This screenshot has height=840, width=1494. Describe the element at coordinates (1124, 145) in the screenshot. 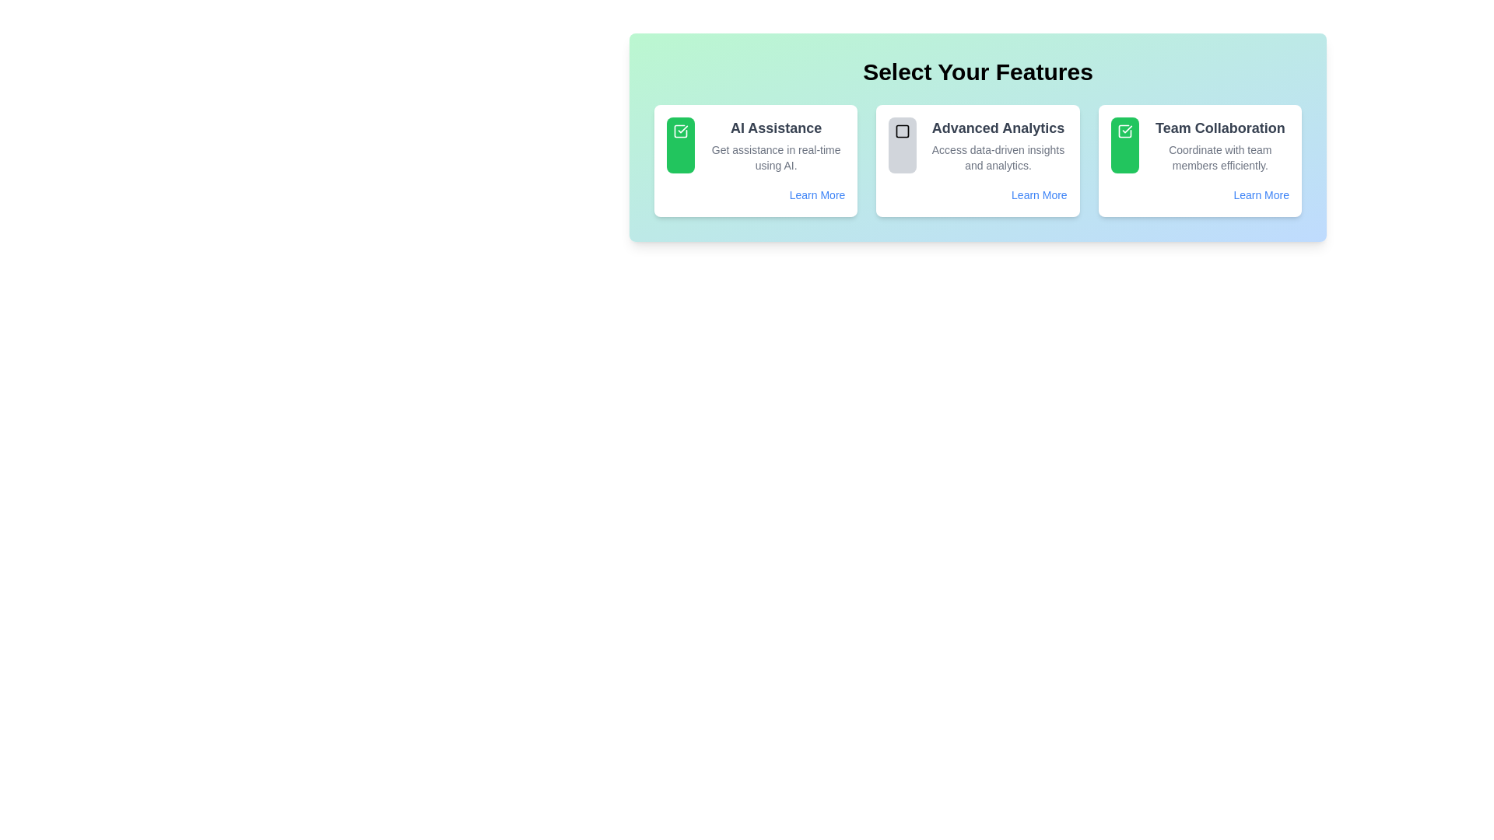

I see `the 'Team Collaboration' icon-style button from its current position` at that location.